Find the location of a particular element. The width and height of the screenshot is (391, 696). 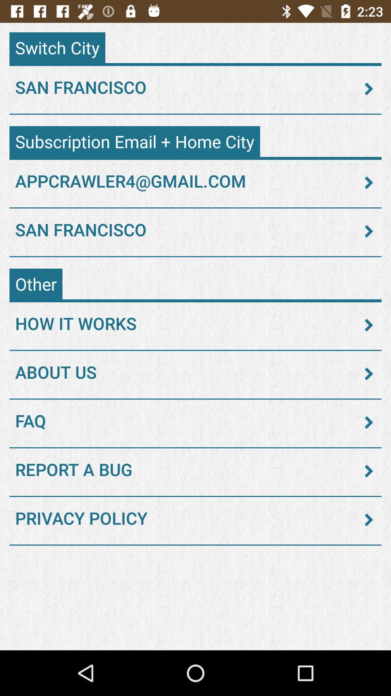

appcrawler4@gmail.com item is located at coordinates (195, 183).